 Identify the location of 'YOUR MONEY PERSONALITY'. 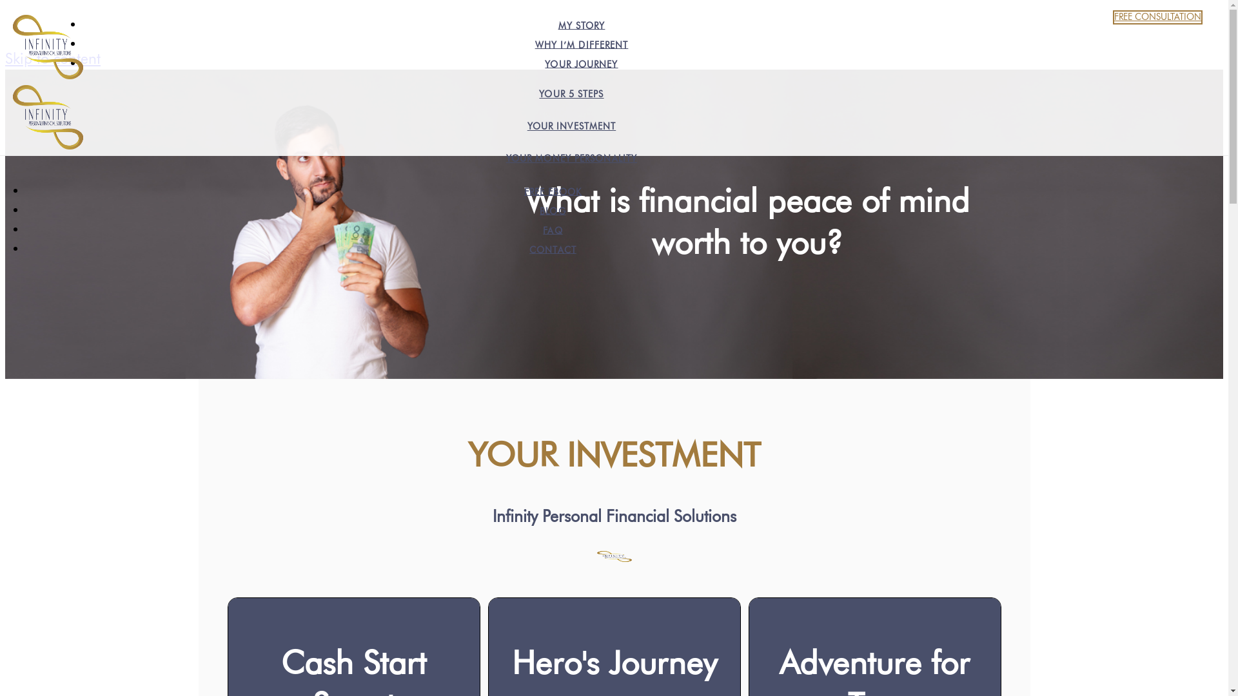
(571, 158).